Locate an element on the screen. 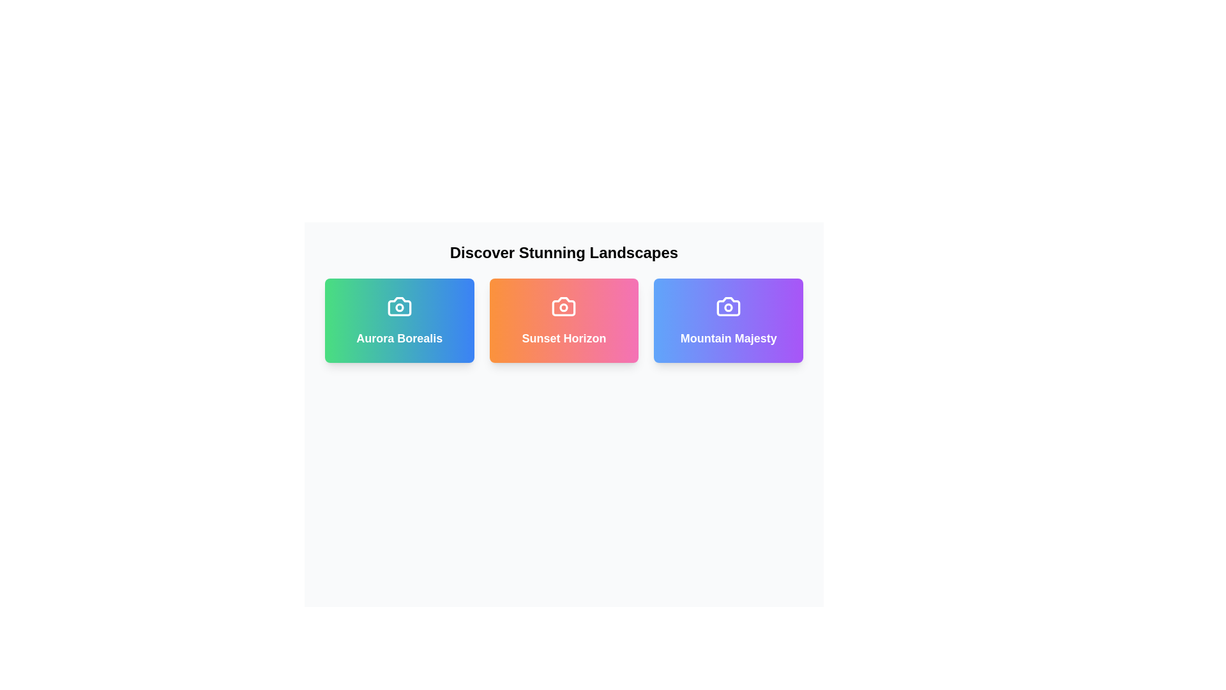 This screenshot has height=690, width=1226. the camera icon within the green gradient card labeled 'Aurora Borealis', which is located beneath the 'Discover Stunning Landscapes' header is located at coordinates (398, 306).